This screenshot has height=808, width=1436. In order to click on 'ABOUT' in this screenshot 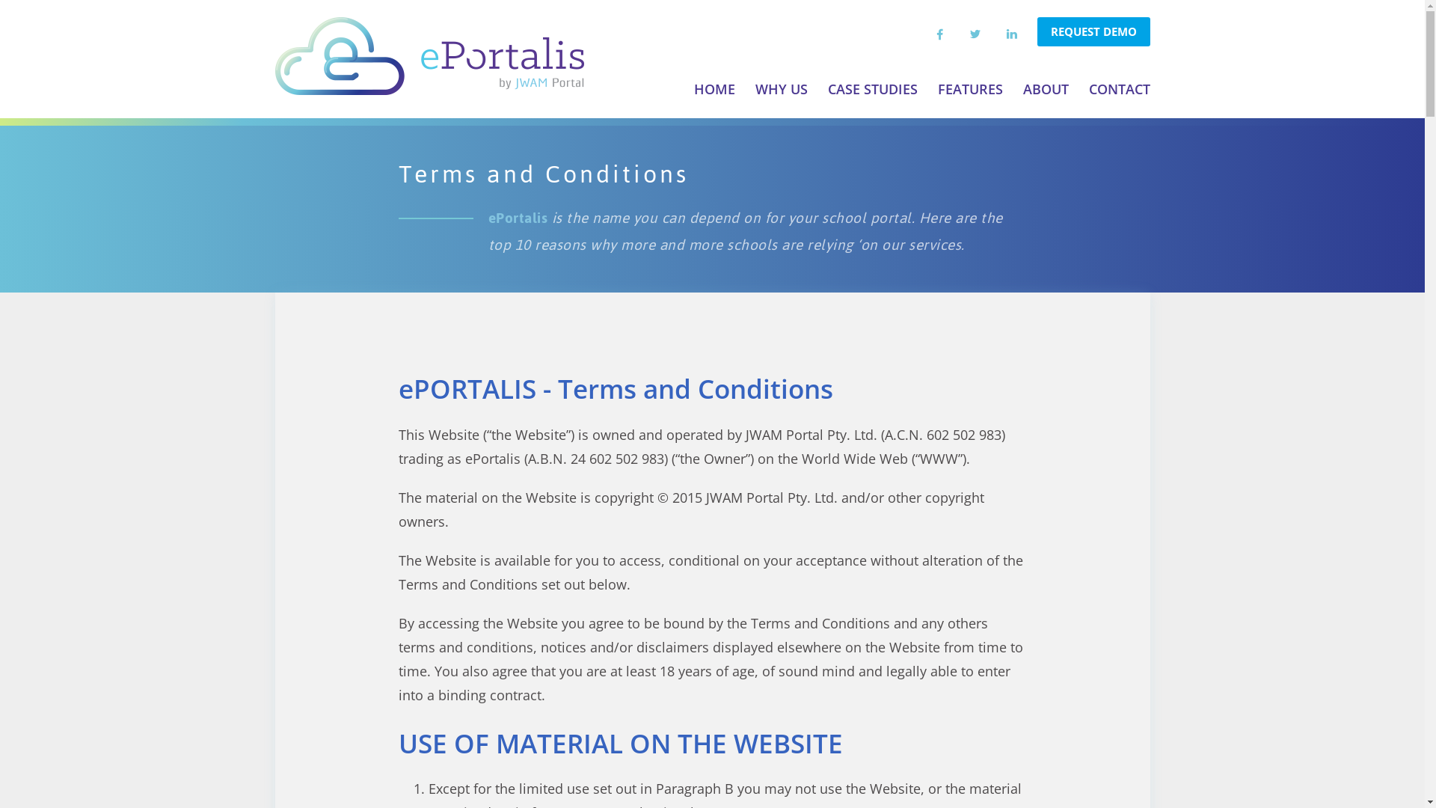, I will do `click(1045, 89)`.